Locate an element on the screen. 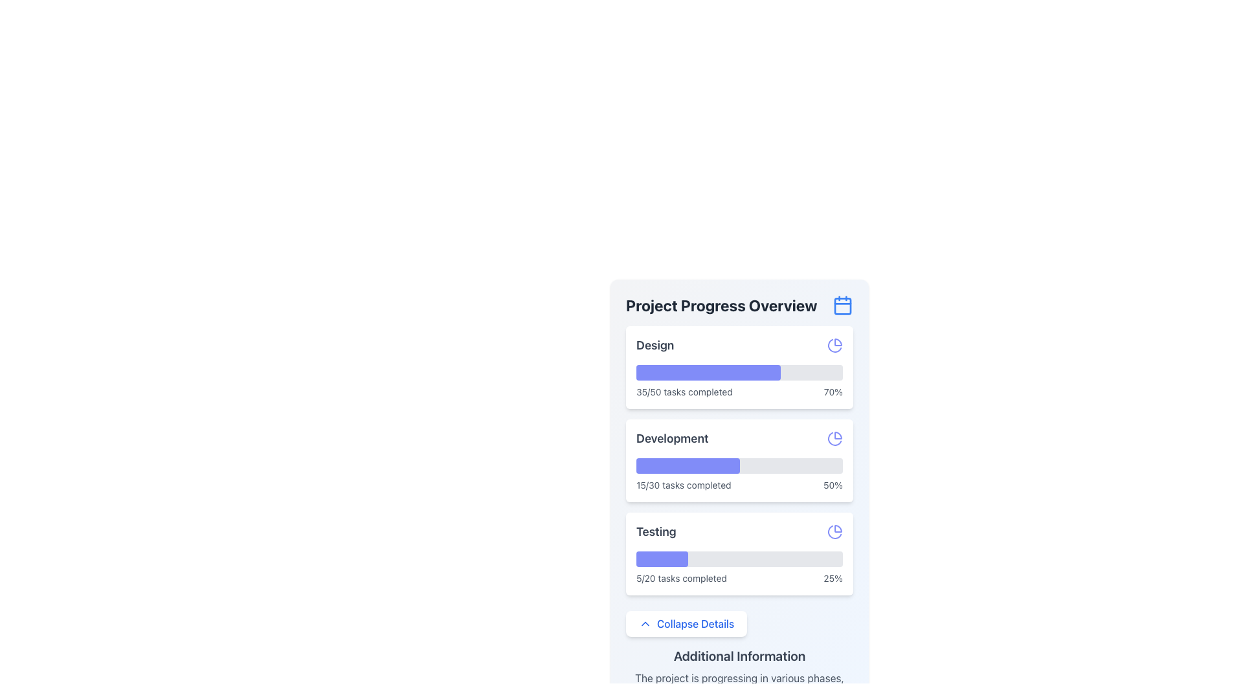 This screenshot has width=1243, height=699. the Static Text Label displaying '70%' which is positioned at the end of the text '35/50 tasks completed 70%' in the progress card titled 'Design' is located at coordinates (833, 391).